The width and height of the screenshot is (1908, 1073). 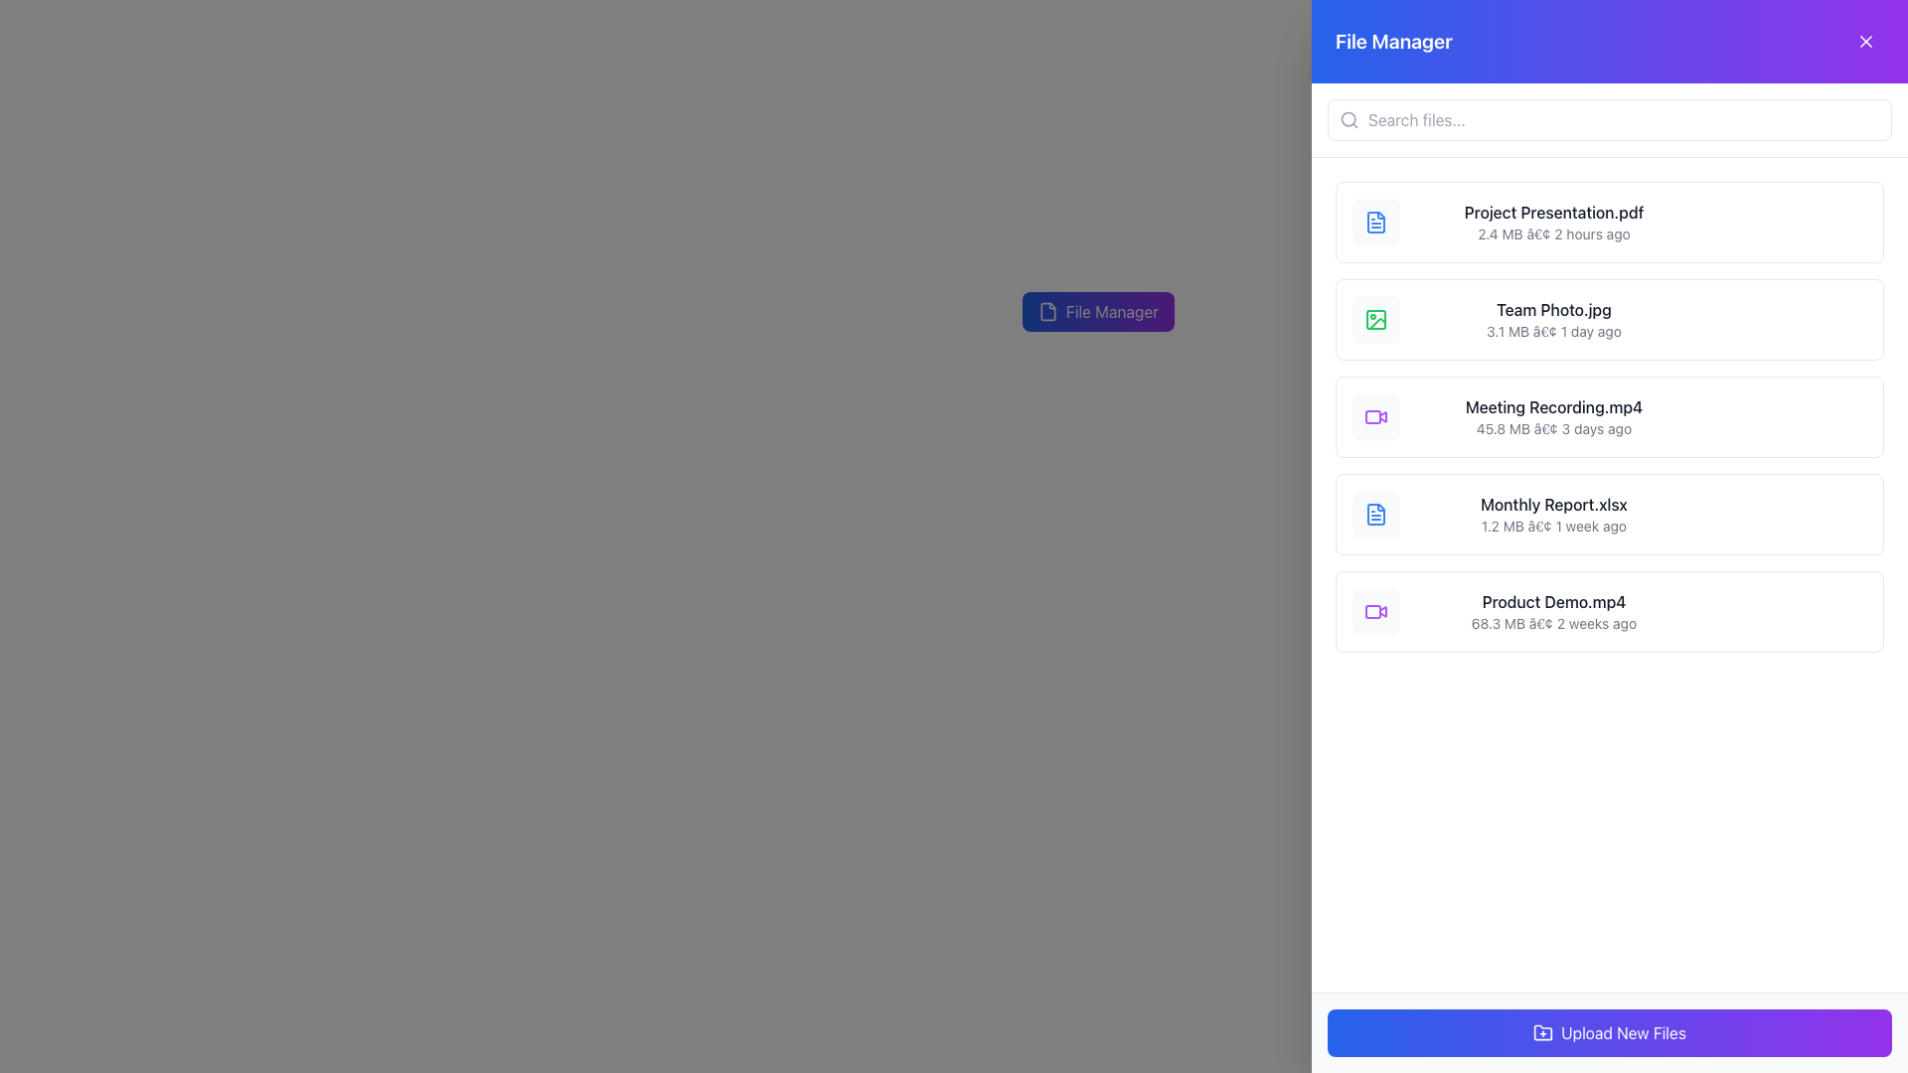 I want to click on the decorative file type icon located to the far left of the text 'Monthly Report.xlsx' in the fourth item of the vertically arranged file list, so click(x=1375, y=513).